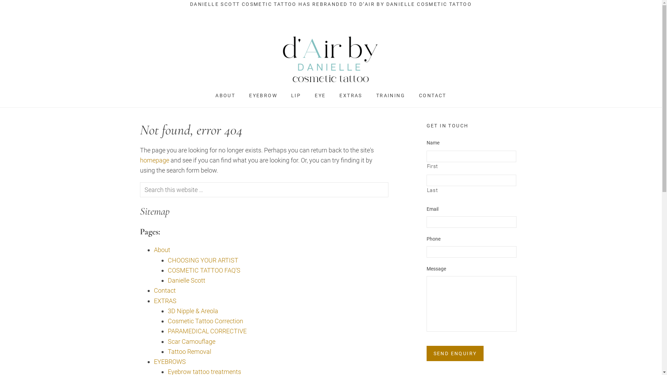 Image resolution: width=667 pixels, height=375 pixels. What do you see at coordinates (186, 280) in the screenshot?
I see `'Danielle Scott'` at bounding box center [186, 280].